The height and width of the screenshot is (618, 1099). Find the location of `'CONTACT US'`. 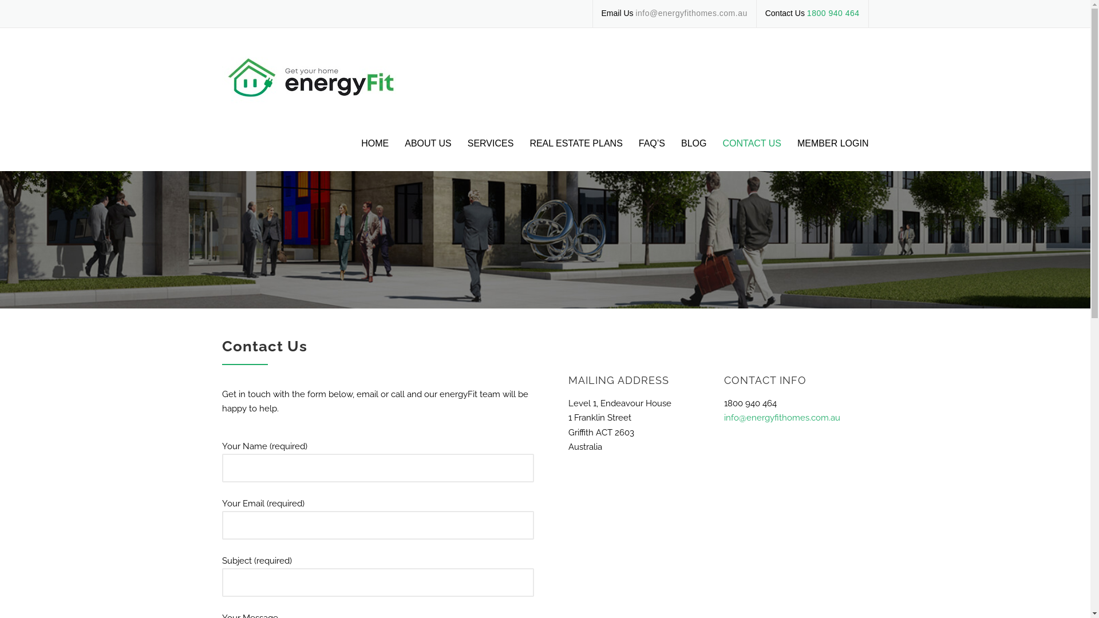

'CONTACT US' is located at coordinates (752, 152).